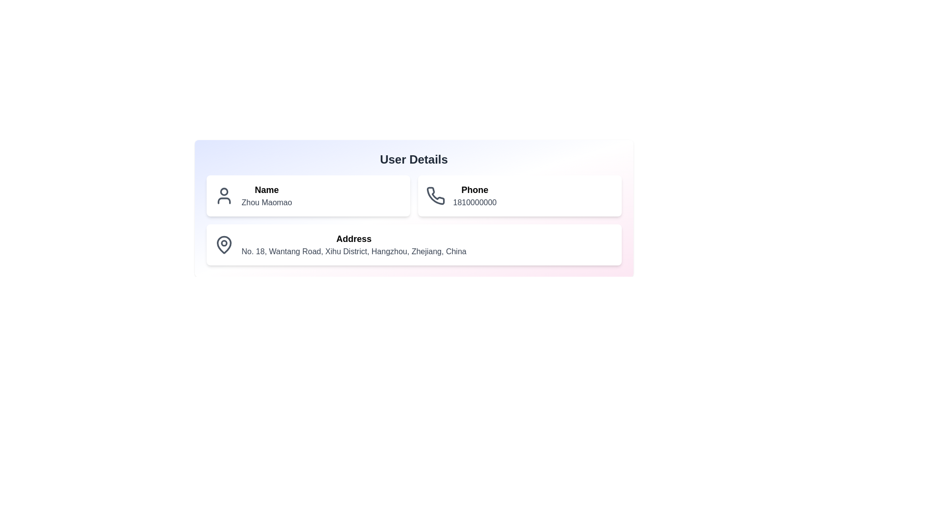  I want to click on the phone contact icon located to the left of the text 'Phone', which visually denotes the associated text and number '1810000000', so click(435, 196).